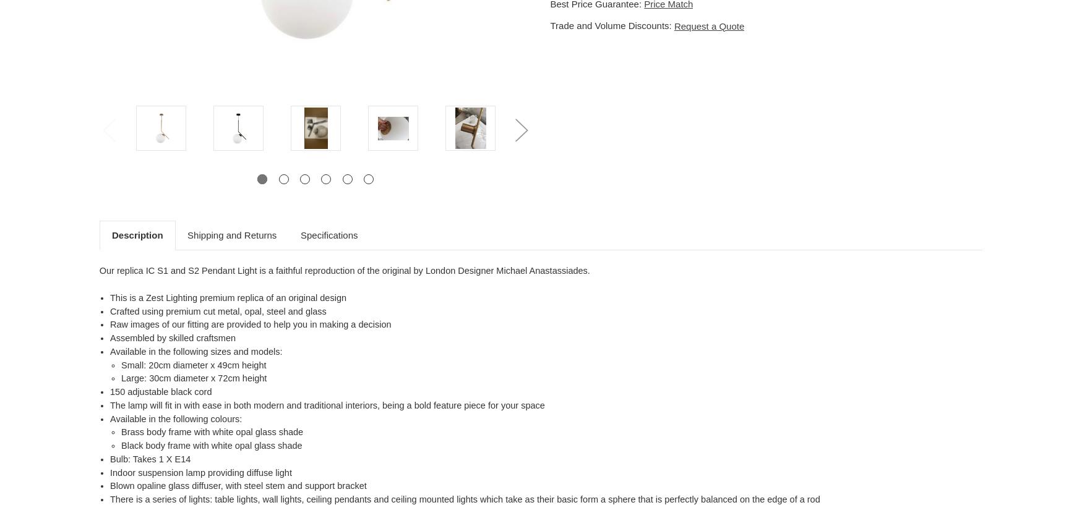  I want to click on 'Your first payment is taken when the order is processed and the remaining 3 are automatically taken every two weeks.', so click(546, 186).